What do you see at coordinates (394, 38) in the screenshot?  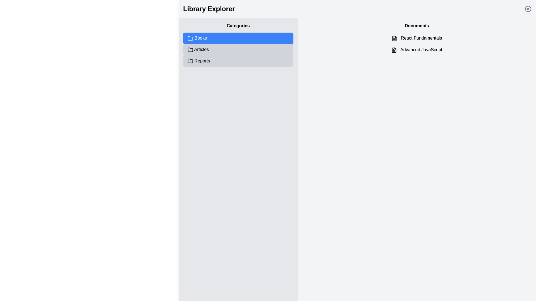 I see `the icon representing 'React Fundamentals' located to the left of the corresponding text in the 'Documents' section of the right panel` at bounding box center [394, 38].